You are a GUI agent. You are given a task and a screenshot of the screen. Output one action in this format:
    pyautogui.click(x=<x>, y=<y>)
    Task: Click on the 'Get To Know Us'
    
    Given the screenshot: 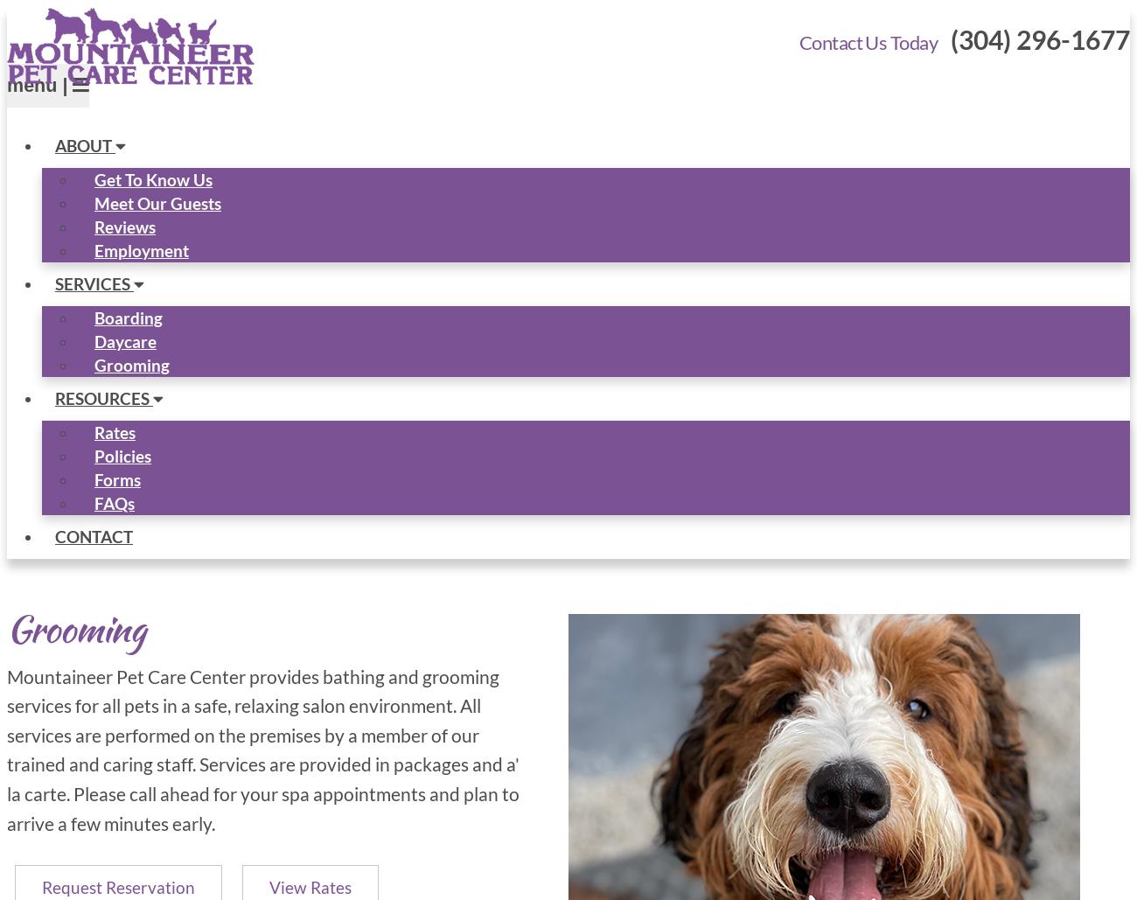 What is the action you would take?
    pyautogui.click(x=94, y=178)
    